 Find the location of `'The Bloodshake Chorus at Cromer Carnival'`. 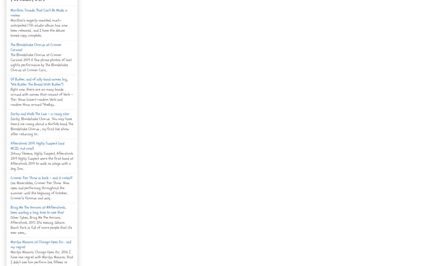

'The Bloodshake Chorus at Cromer Carnival' is located at coordinates (36, 47).